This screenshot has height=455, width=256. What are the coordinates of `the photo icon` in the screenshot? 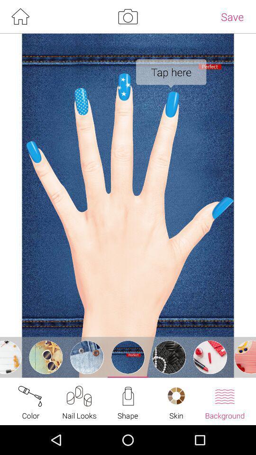 It's located at (128, 17).